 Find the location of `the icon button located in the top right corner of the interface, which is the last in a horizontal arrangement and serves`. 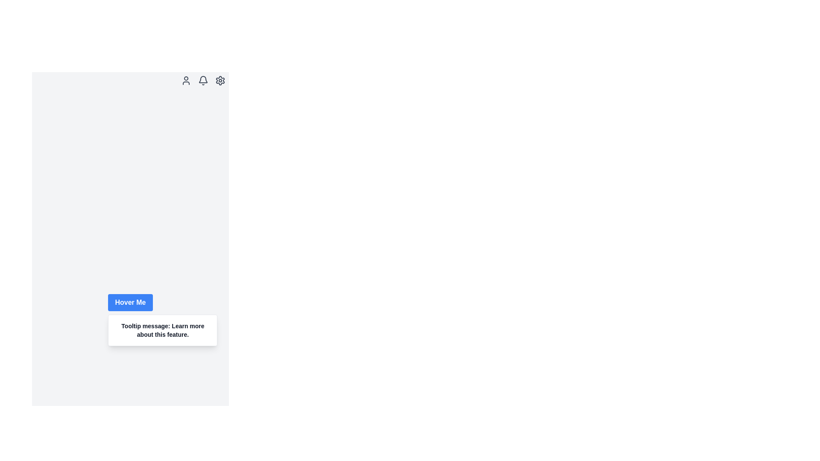

the icon button located in the top right corner of the interface, which is the last in a horizontal arrangement and serves is located at coordinates (220, 81).